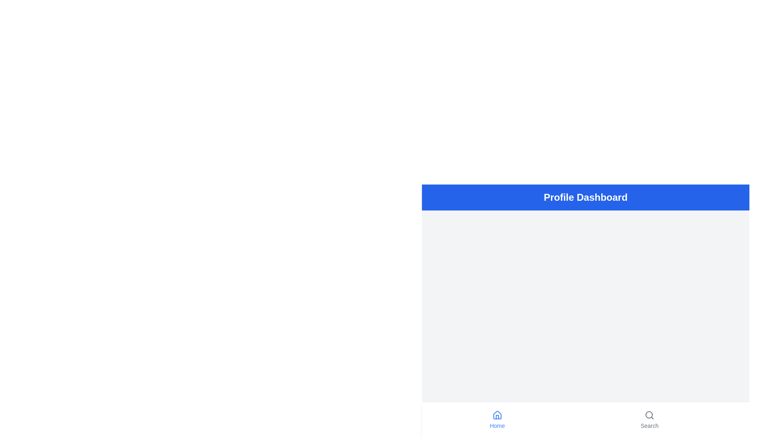 This screenshot has width=779, height=438. I want to click on the circular decorative element of the magnifying glass icon, which has a radius of 8 units and is located at the bottom-right of the interface near the 'Search' label, so click(649, 414).